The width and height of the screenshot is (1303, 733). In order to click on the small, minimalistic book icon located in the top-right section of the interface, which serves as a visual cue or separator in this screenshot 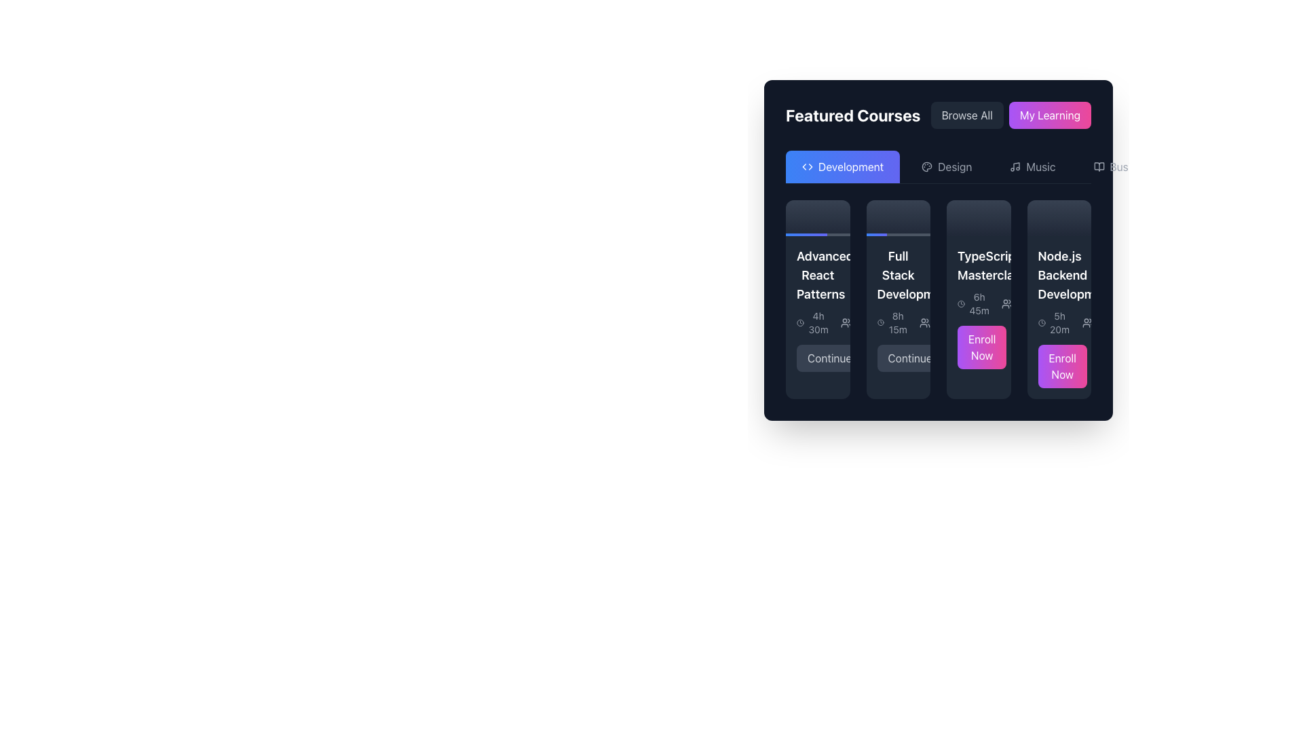, I will do `click(1099, 166)`.